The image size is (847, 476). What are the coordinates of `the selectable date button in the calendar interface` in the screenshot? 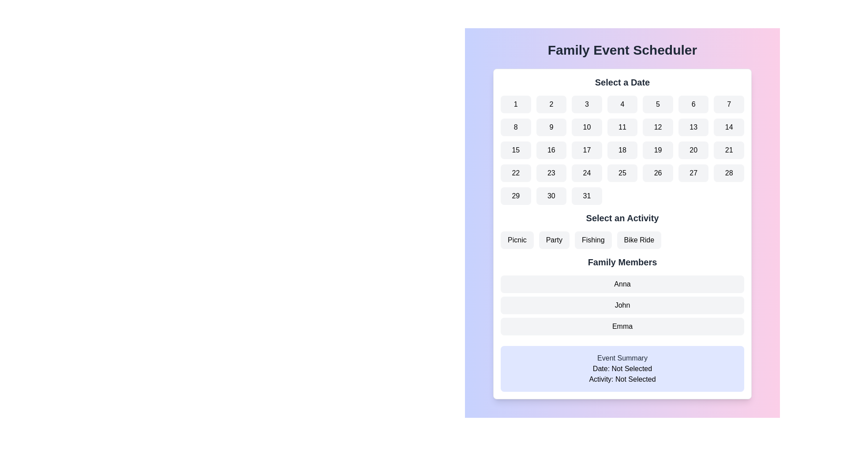 It's located at (551, 149).